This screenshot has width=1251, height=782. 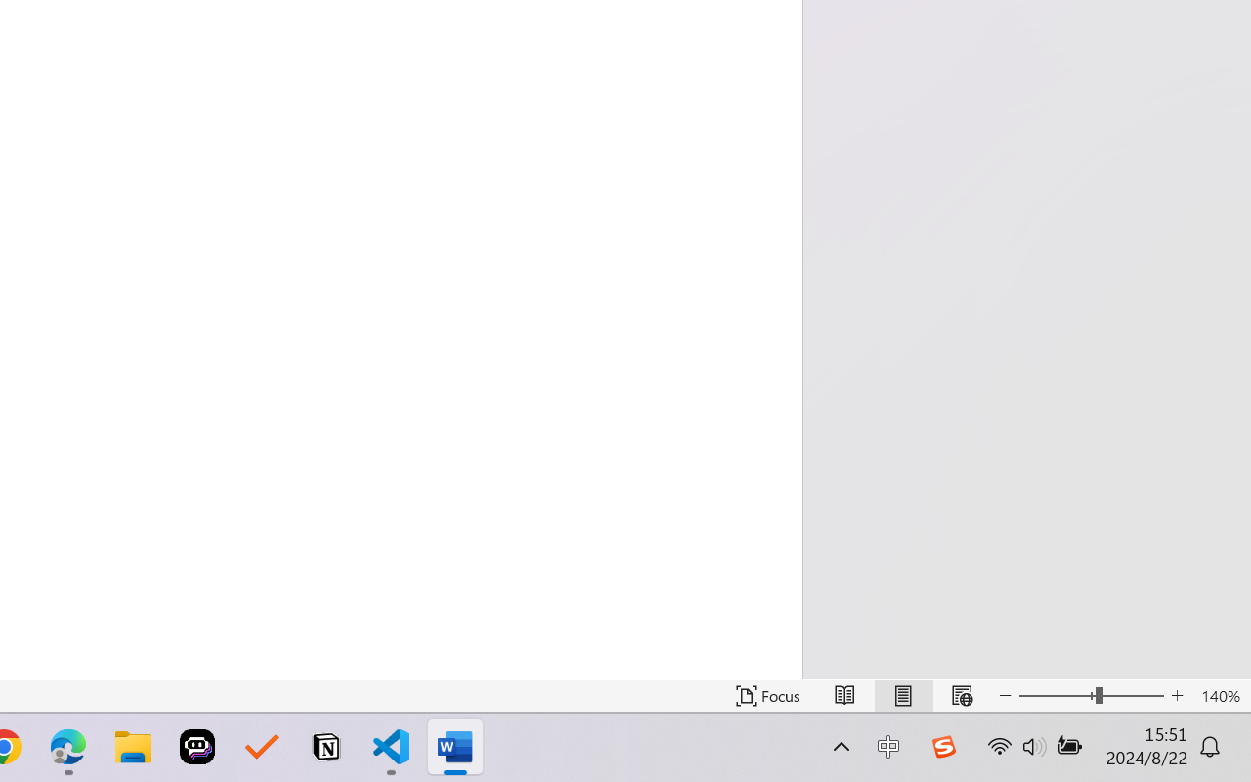 What do you see at coordinates (844, 695) in the screenshot?
I see `'Read Mode'` at bounding box center [844, 695].